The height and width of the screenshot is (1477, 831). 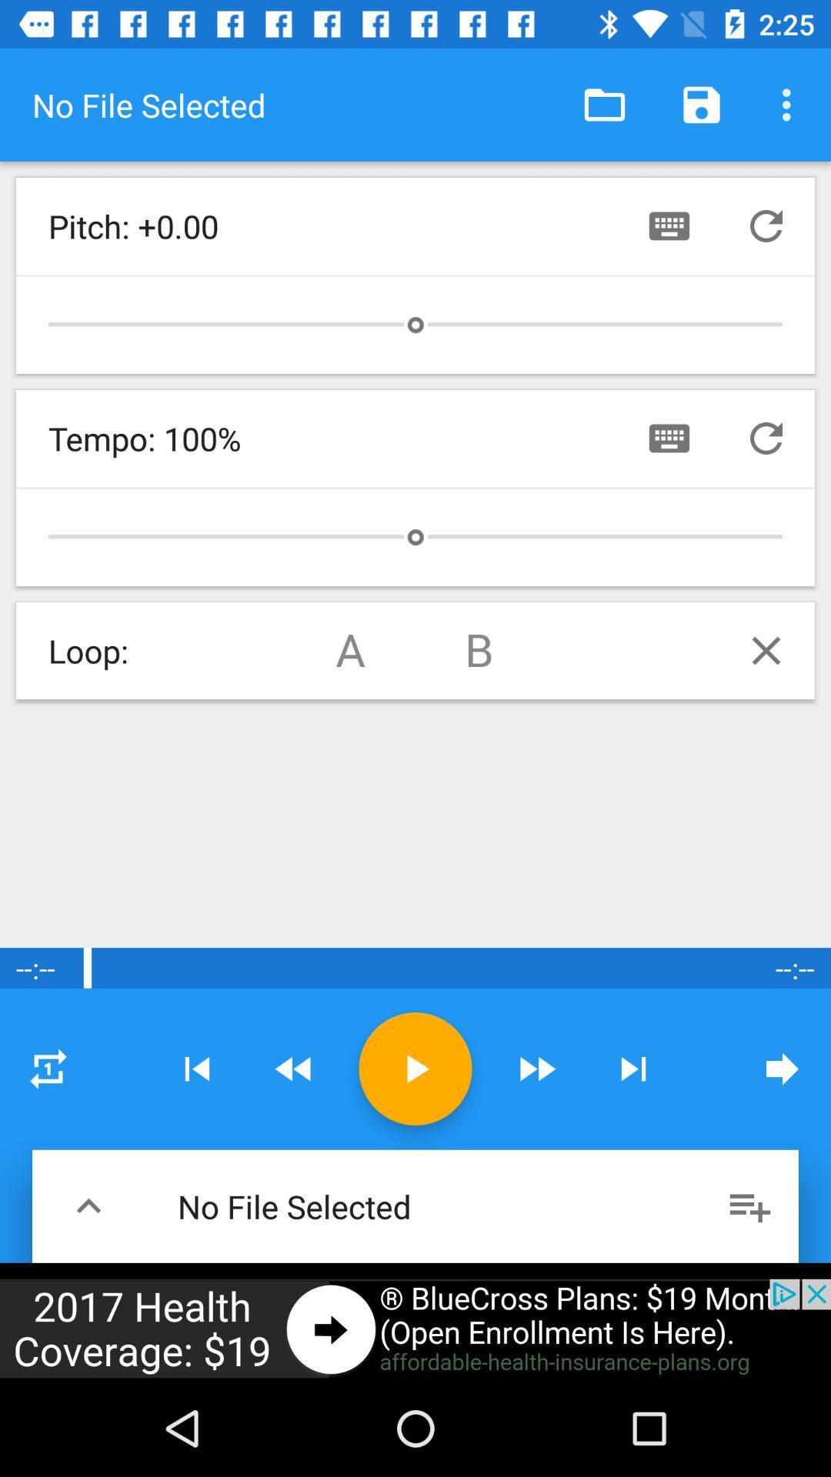 I want to click on next button, so click(x=633, y=1068).